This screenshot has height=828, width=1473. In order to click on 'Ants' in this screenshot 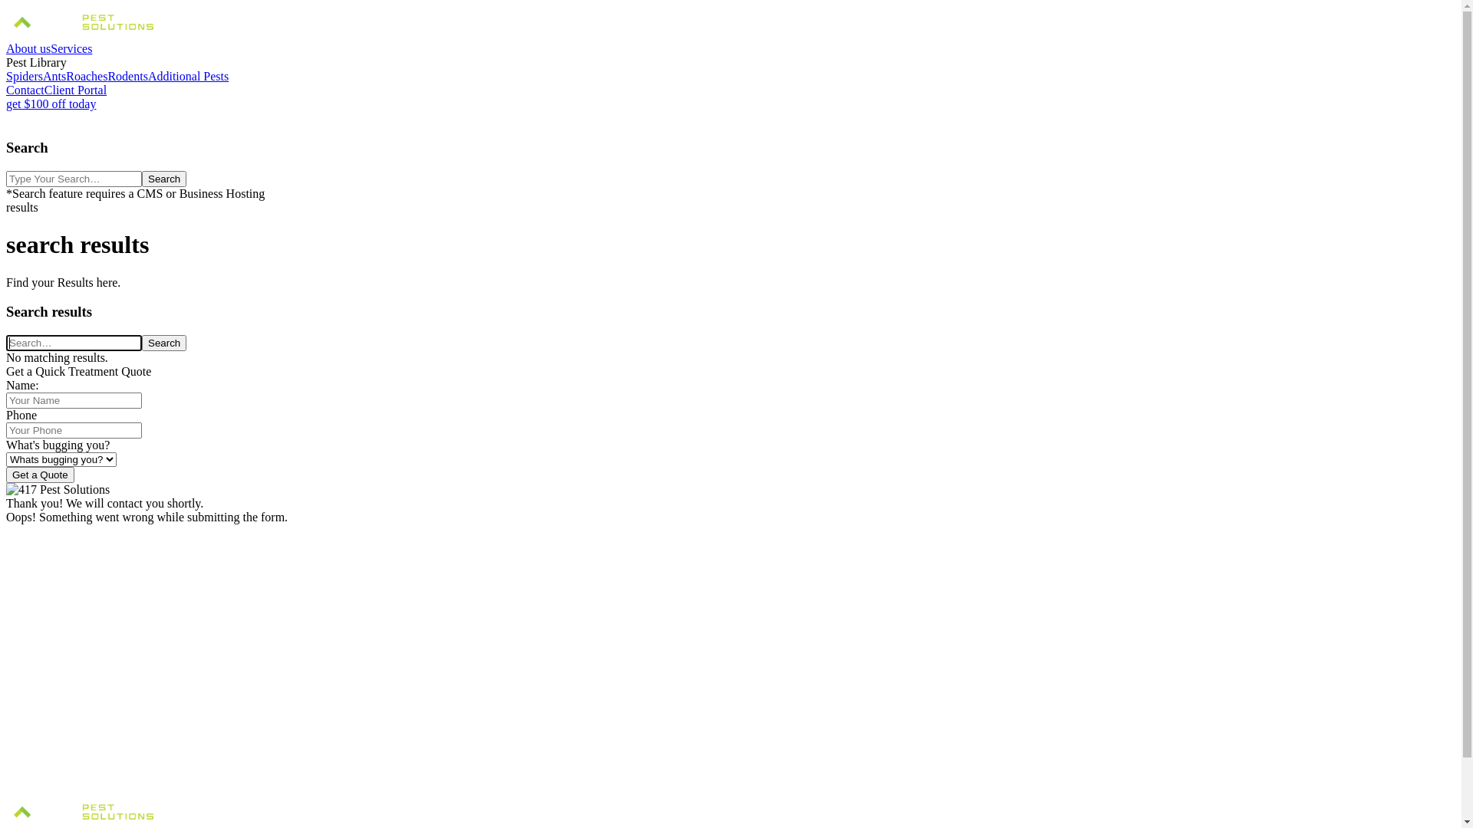, I will do `click(54, 76)`.